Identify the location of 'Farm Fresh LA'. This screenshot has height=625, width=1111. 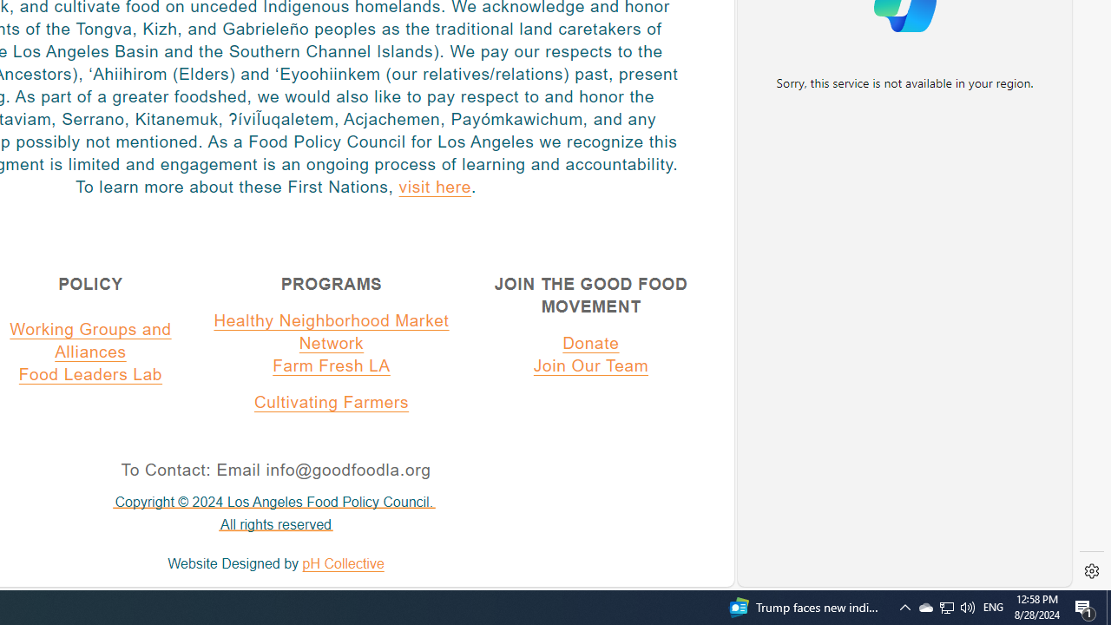
(332, 365).